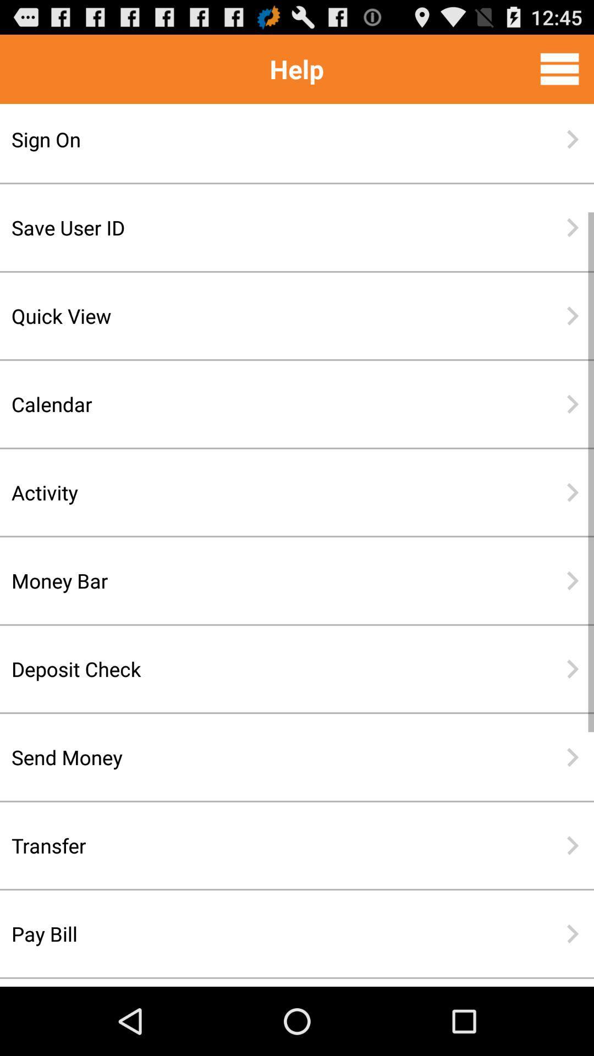 The height and width of the screenshot is (1056, 594). I want to click on icon to the right of send money icon, so click(572, 757).